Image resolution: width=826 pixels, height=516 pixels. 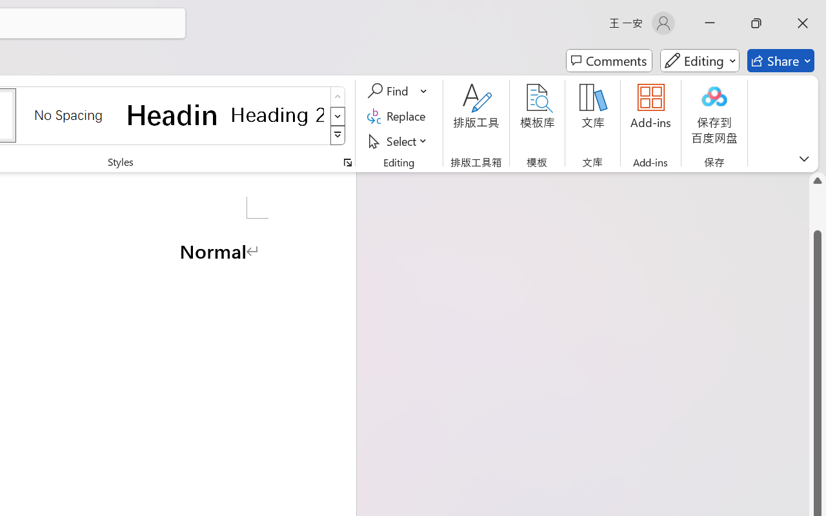 I want to click on 'Heading 2', so click(x=277, y=114).